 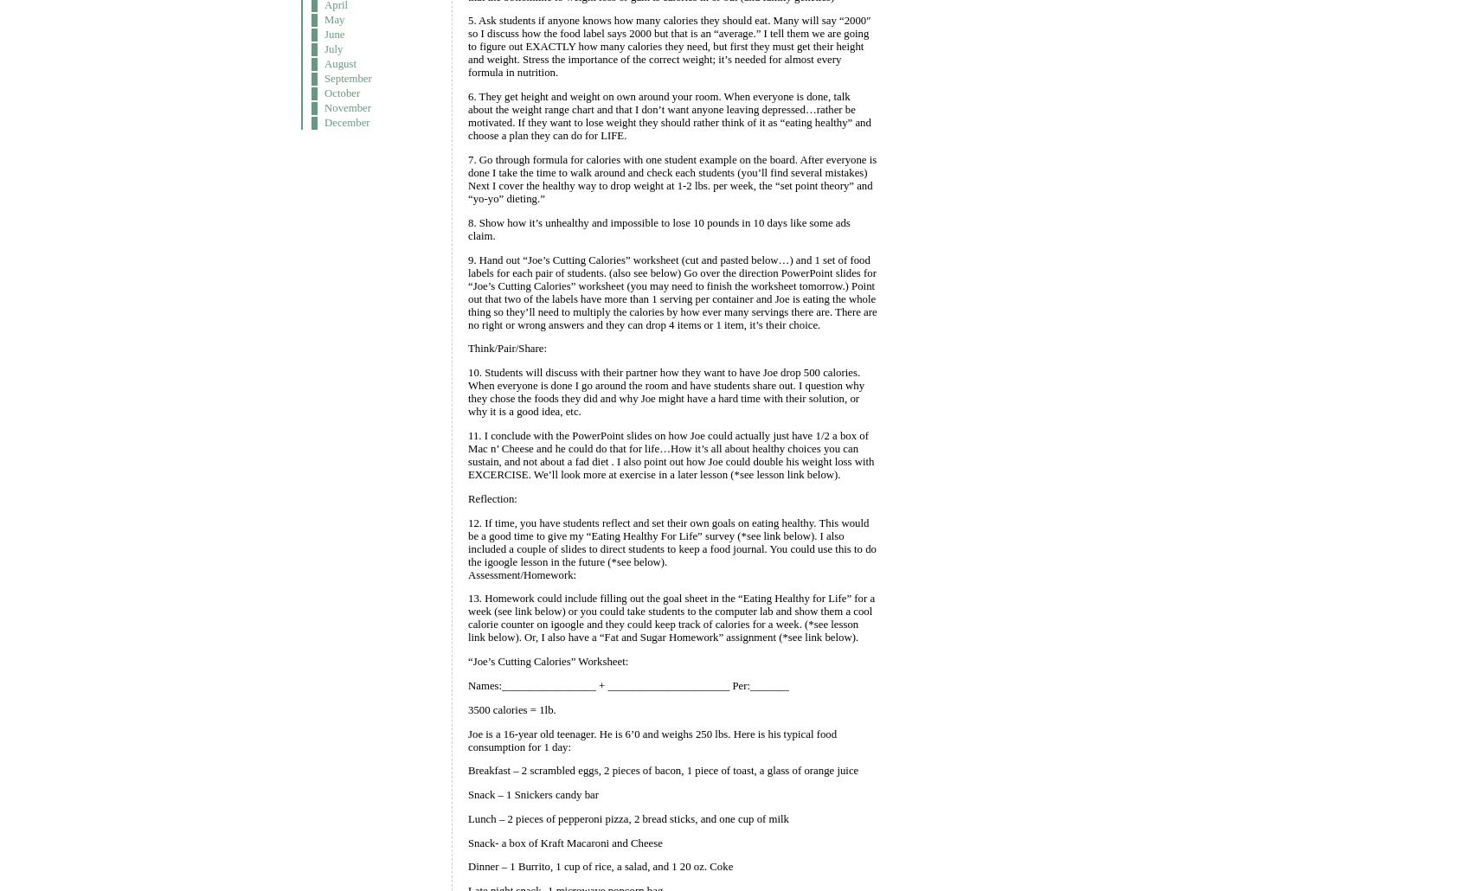 I want to click on 'Joe is a 16-year old teenager. He is 6’0 and weighs 250 lbs. Here is his typical food consumption for 1 day:', so click(x=651, y=739).